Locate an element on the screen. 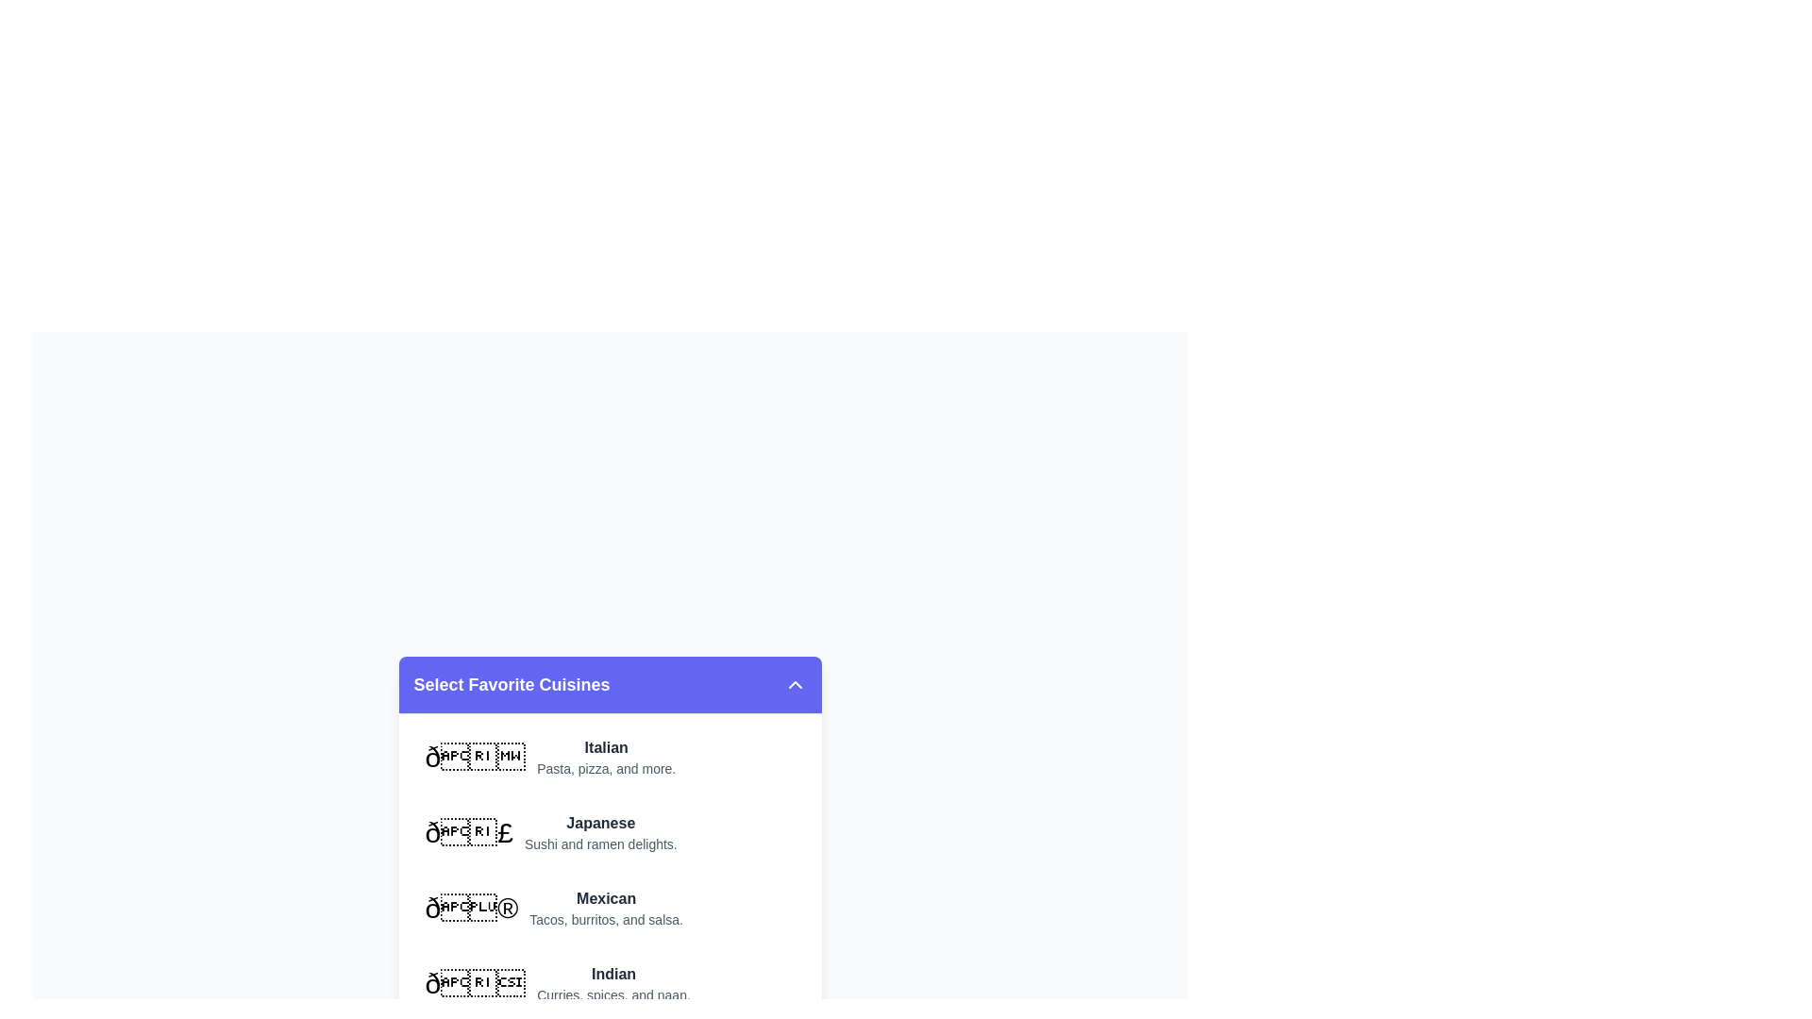 The width and height of the screenshot is (1812, 1019). the text label reading 'Pasta, pizza, and more.' which is positioned directly underneath the header 'Italian' in the Select Favorite Cuisines section is located at coordinates (606, 768).